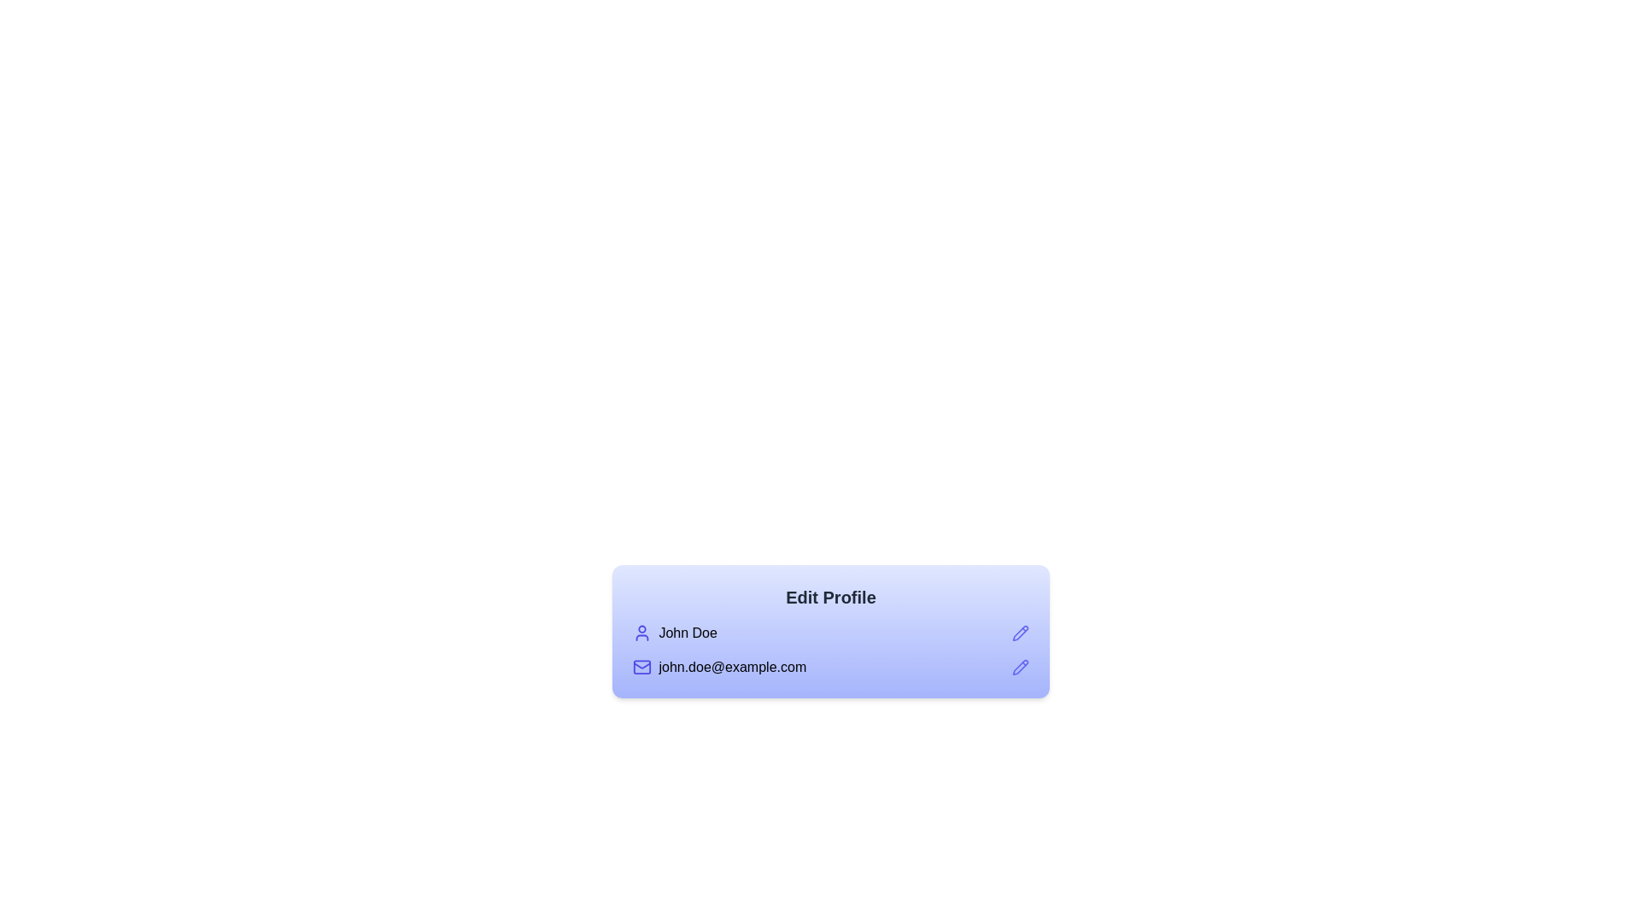  I want to click on the visual state of the email icon located below the 'John Doe' text and to the left of the email address 'john.doe@example.com', so click(641, 667).